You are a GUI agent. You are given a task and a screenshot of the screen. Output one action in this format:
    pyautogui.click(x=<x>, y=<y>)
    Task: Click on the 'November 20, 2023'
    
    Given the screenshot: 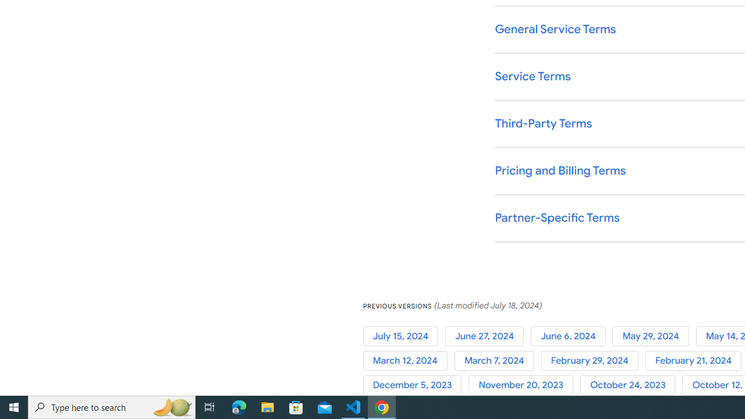 What is the action you would take?
    pyautogui.click(x=524, y=385)
    